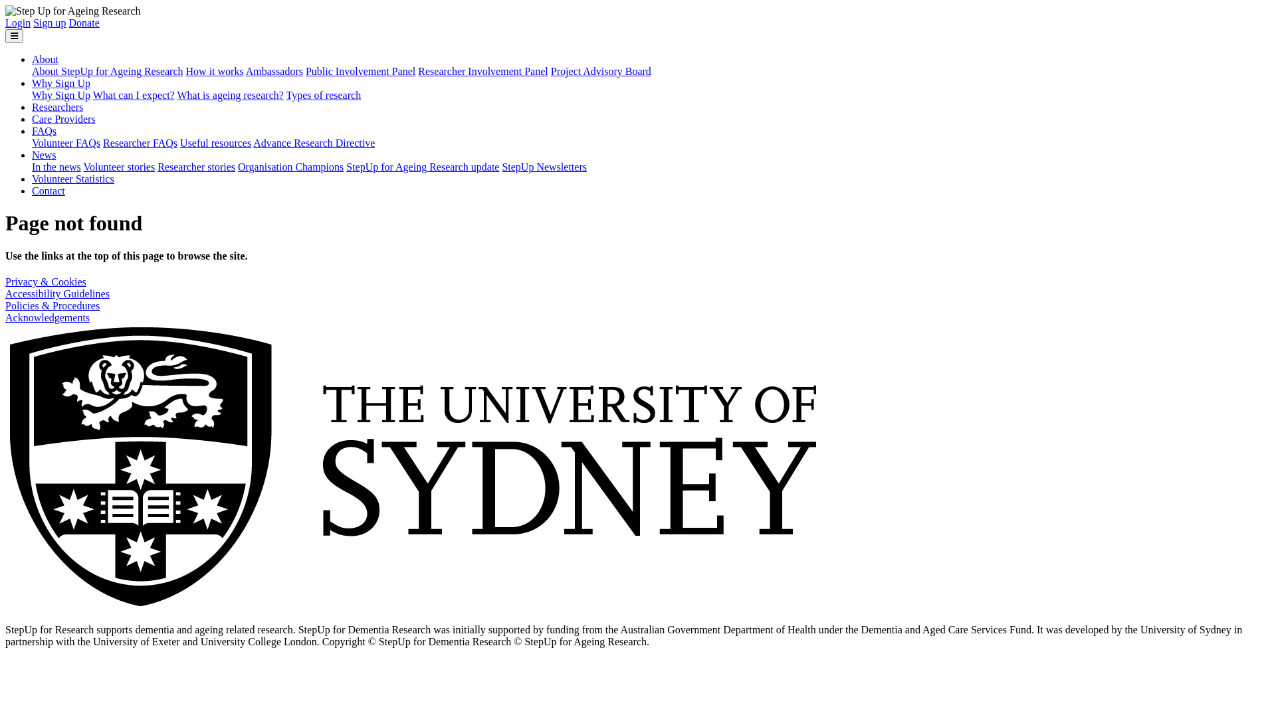 The image size is (1276, 717). Describe the element at coordinates (290, 166) in the screenshot. I see `'Organisation Champions'` at that location.